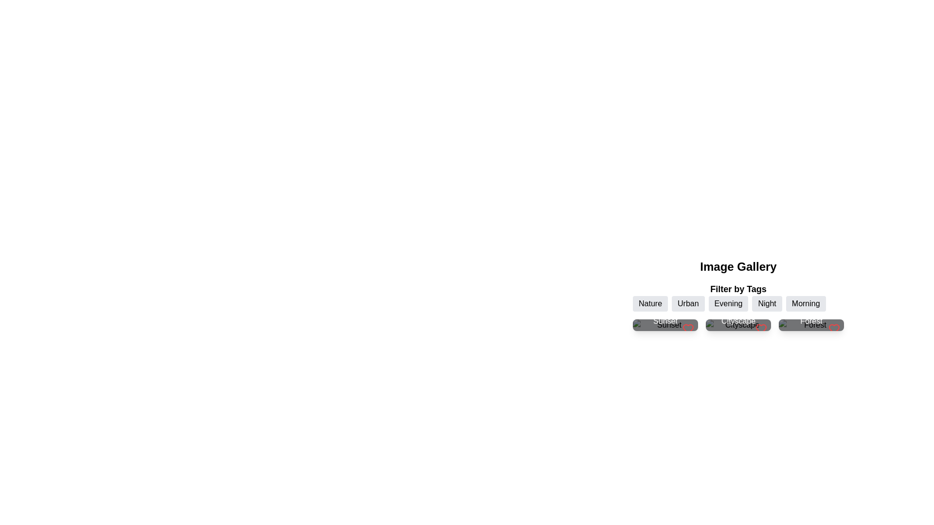 This screenshot has height=525, width=934. I want to click on the image titled 'Cityscape' in the image grid located under the 'Filter by Tags' section, so click(738, 325).